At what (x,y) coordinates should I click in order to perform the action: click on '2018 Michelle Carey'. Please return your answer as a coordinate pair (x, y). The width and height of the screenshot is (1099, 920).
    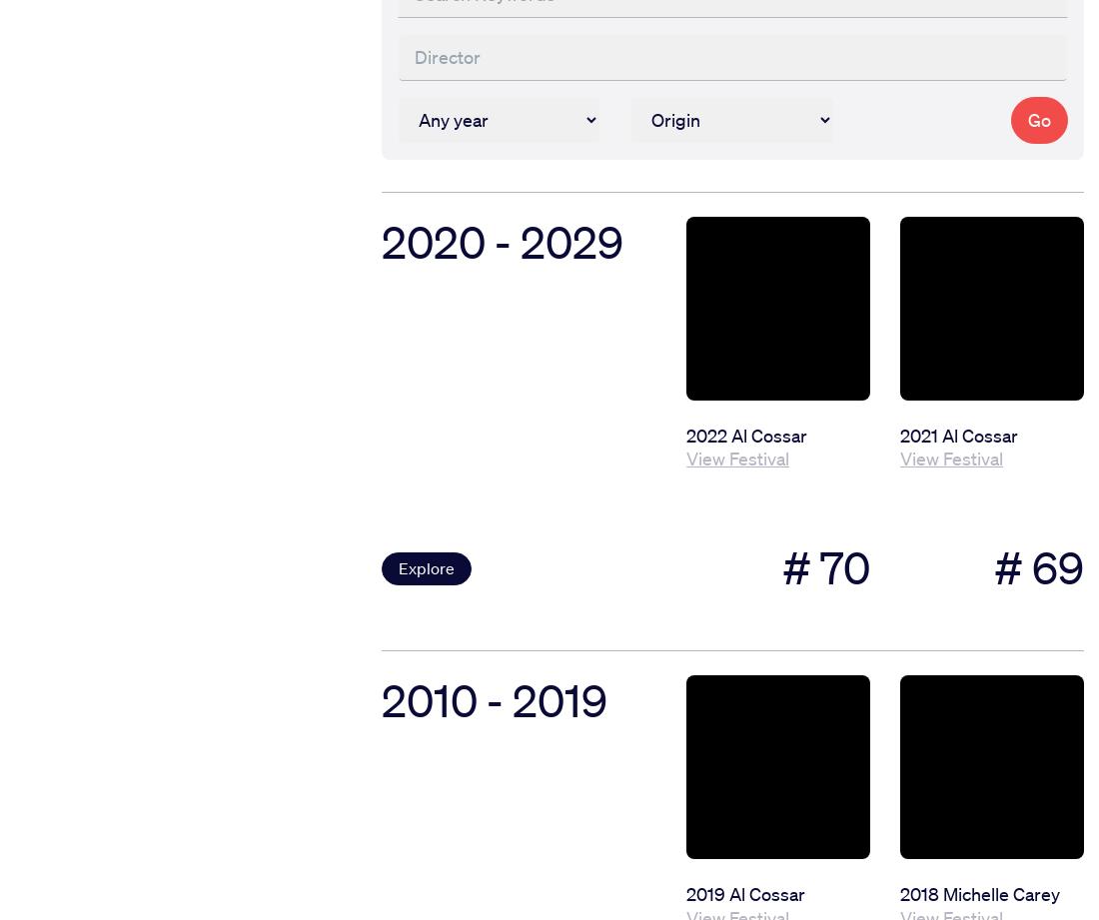
    Looking at the image, I should click on (978, 893).